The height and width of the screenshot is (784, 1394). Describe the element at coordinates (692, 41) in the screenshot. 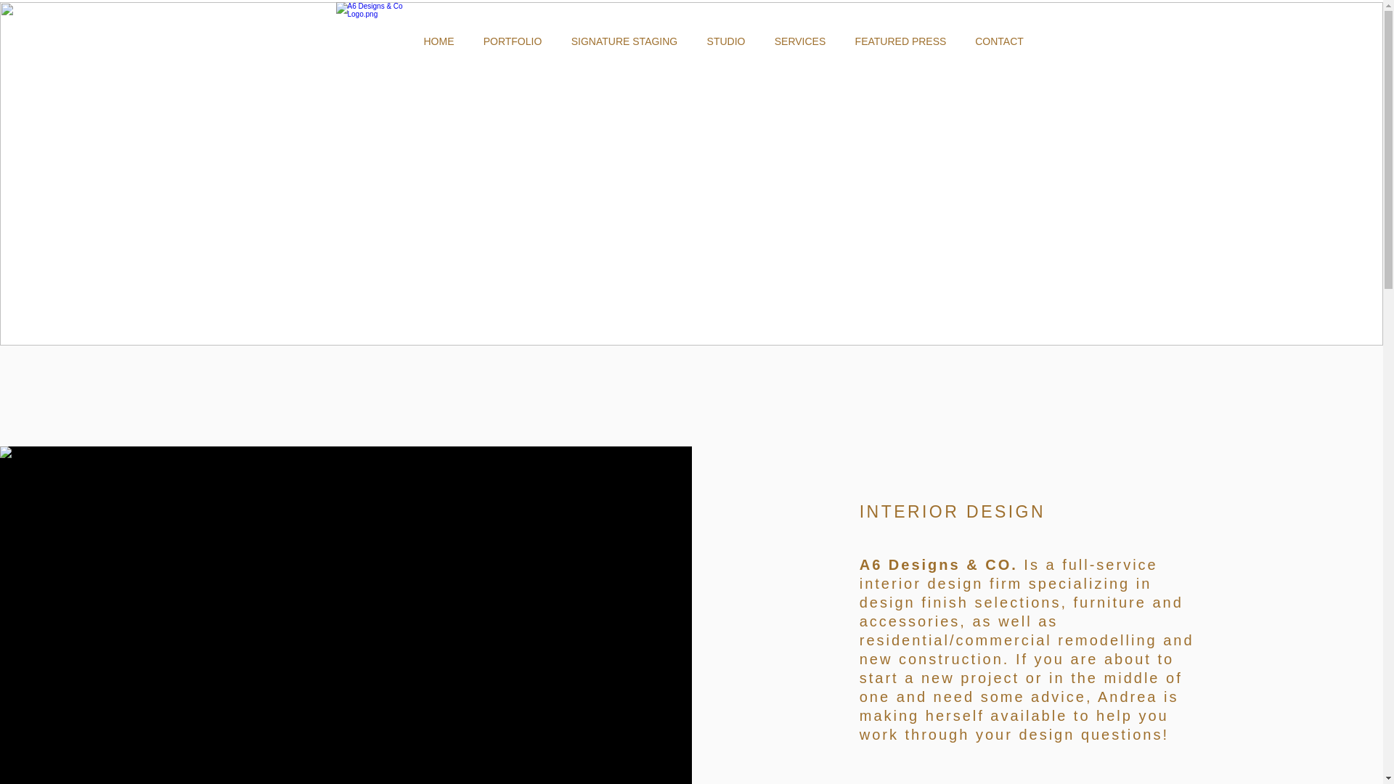

I see `'STUDIO'` at that location.